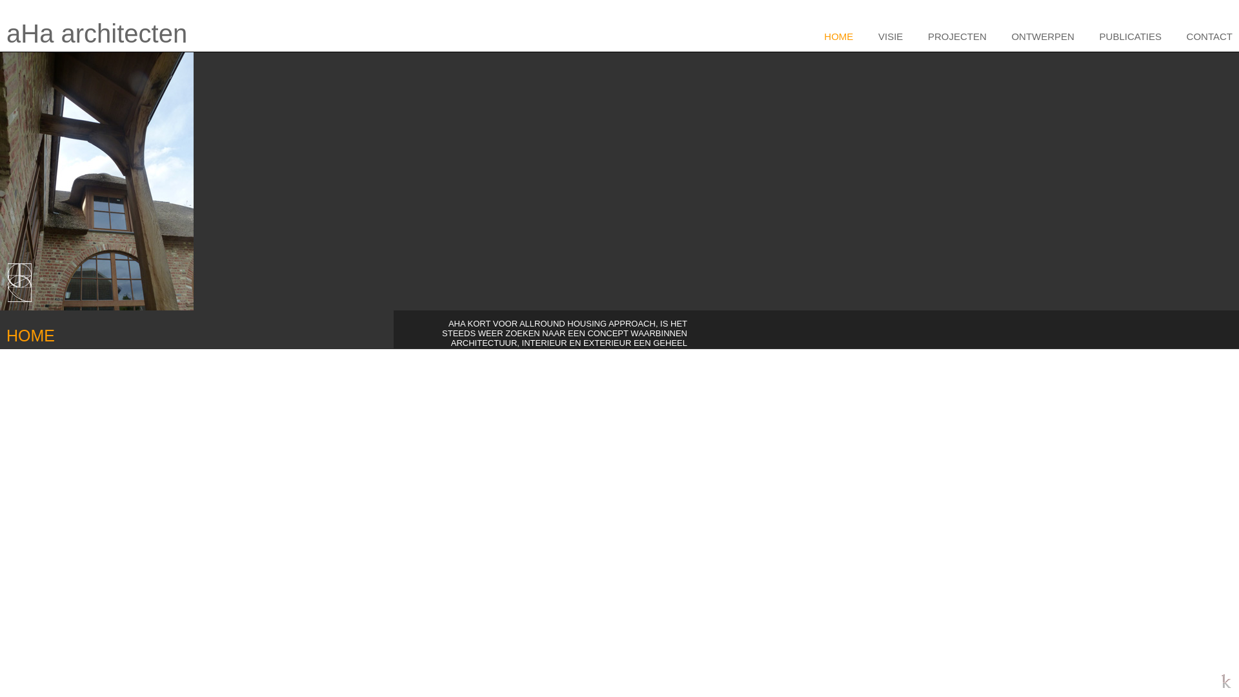 The image size is (1239, 697). Describe the element at coordinates (1202, 35) in the screenshot. I see `'CONTACT'` at that location.